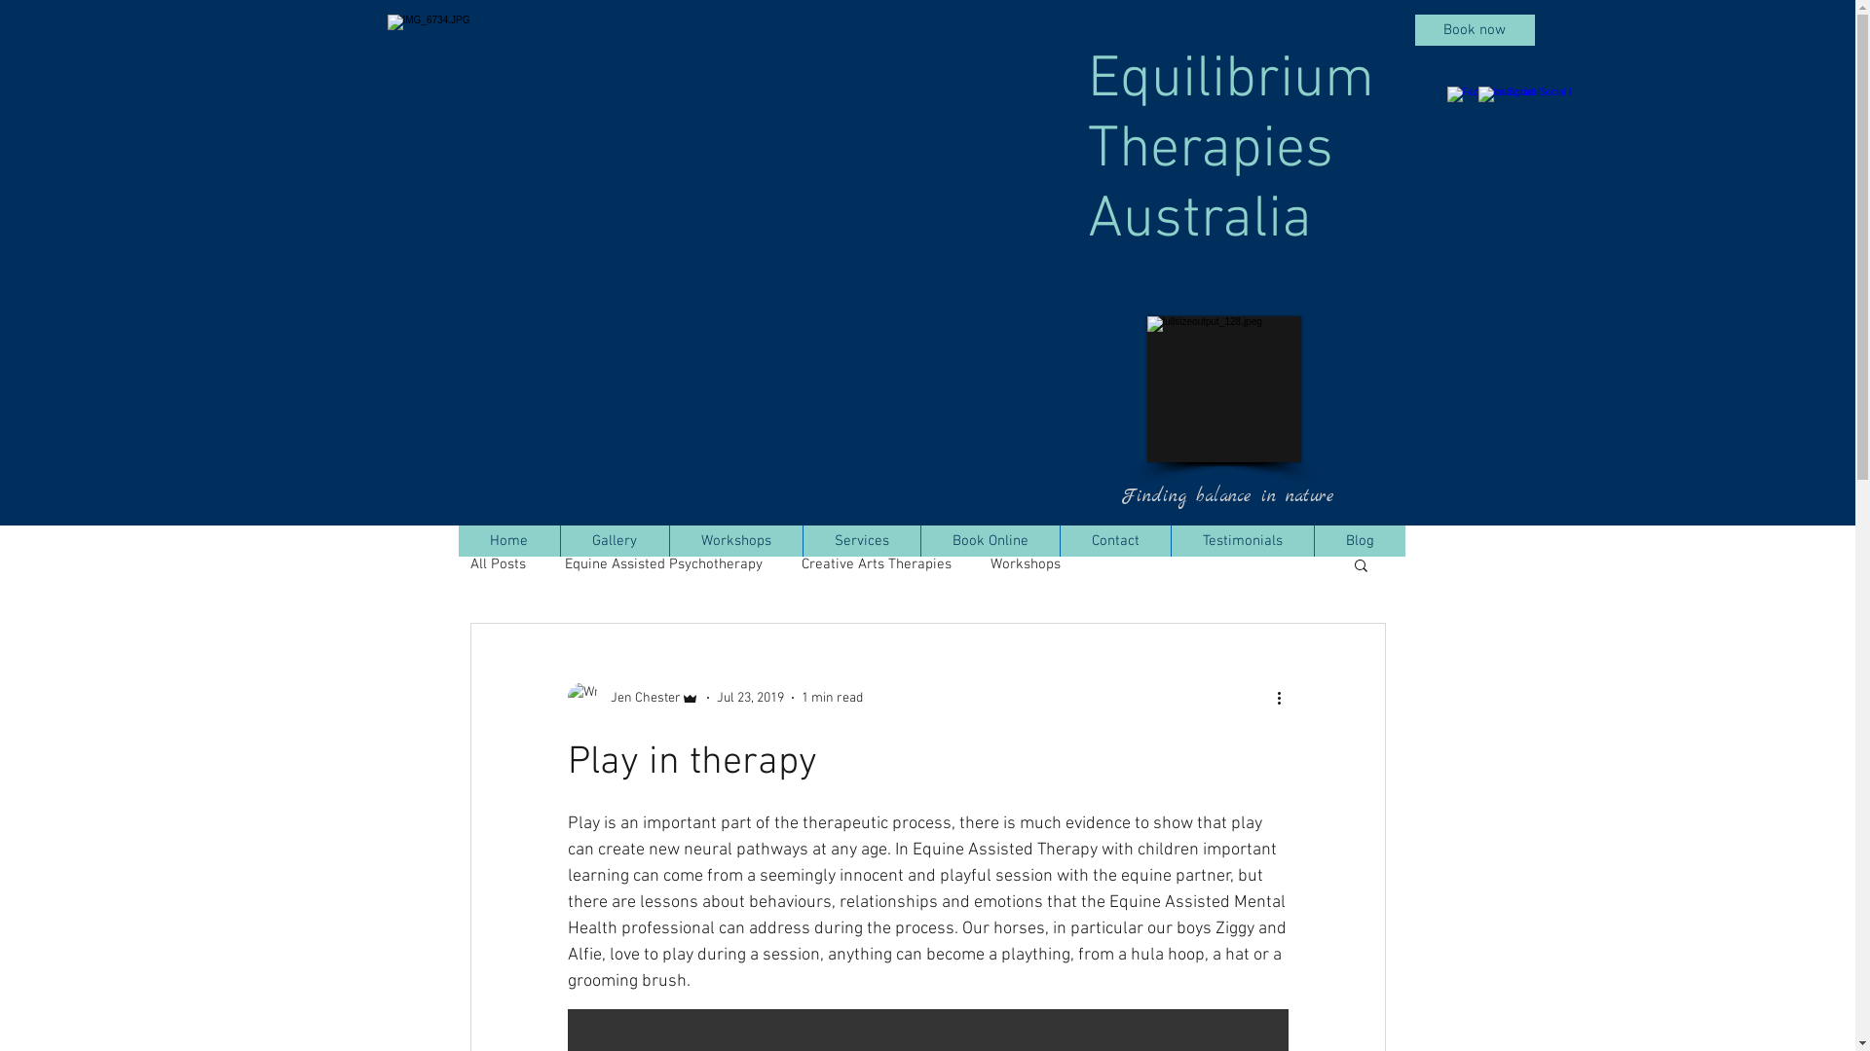 Image resolution: width=1870 pixels, height=1051 pixels. What do you see at coordinates (663, 563) in the screenshot?
I see `'Equine Assisted Psychotherapy'` at bounding box center [663, 563].